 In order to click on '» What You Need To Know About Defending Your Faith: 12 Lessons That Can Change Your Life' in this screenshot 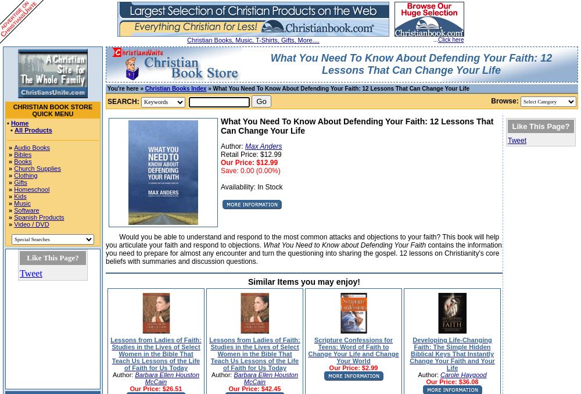, I will do `click(337, 88)`.